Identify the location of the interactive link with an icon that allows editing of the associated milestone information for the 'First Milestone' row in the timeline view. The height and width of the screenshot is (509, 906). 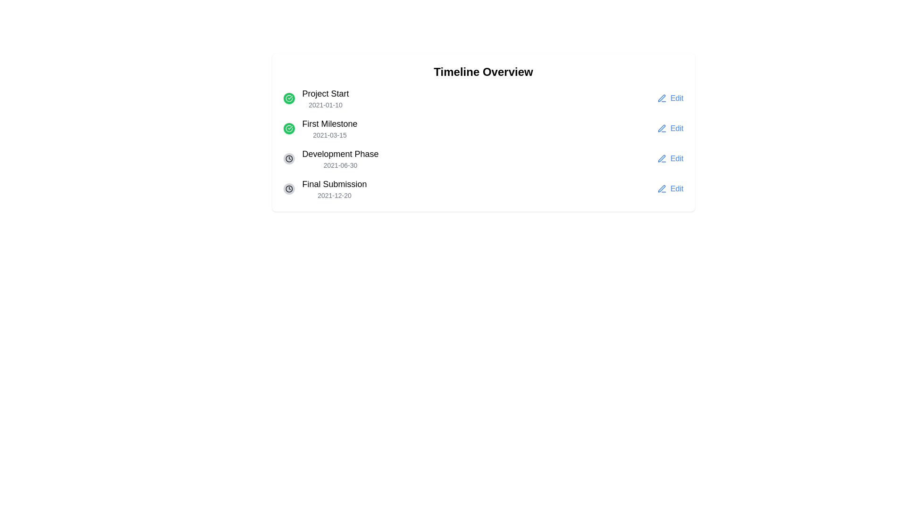
(670, 129).